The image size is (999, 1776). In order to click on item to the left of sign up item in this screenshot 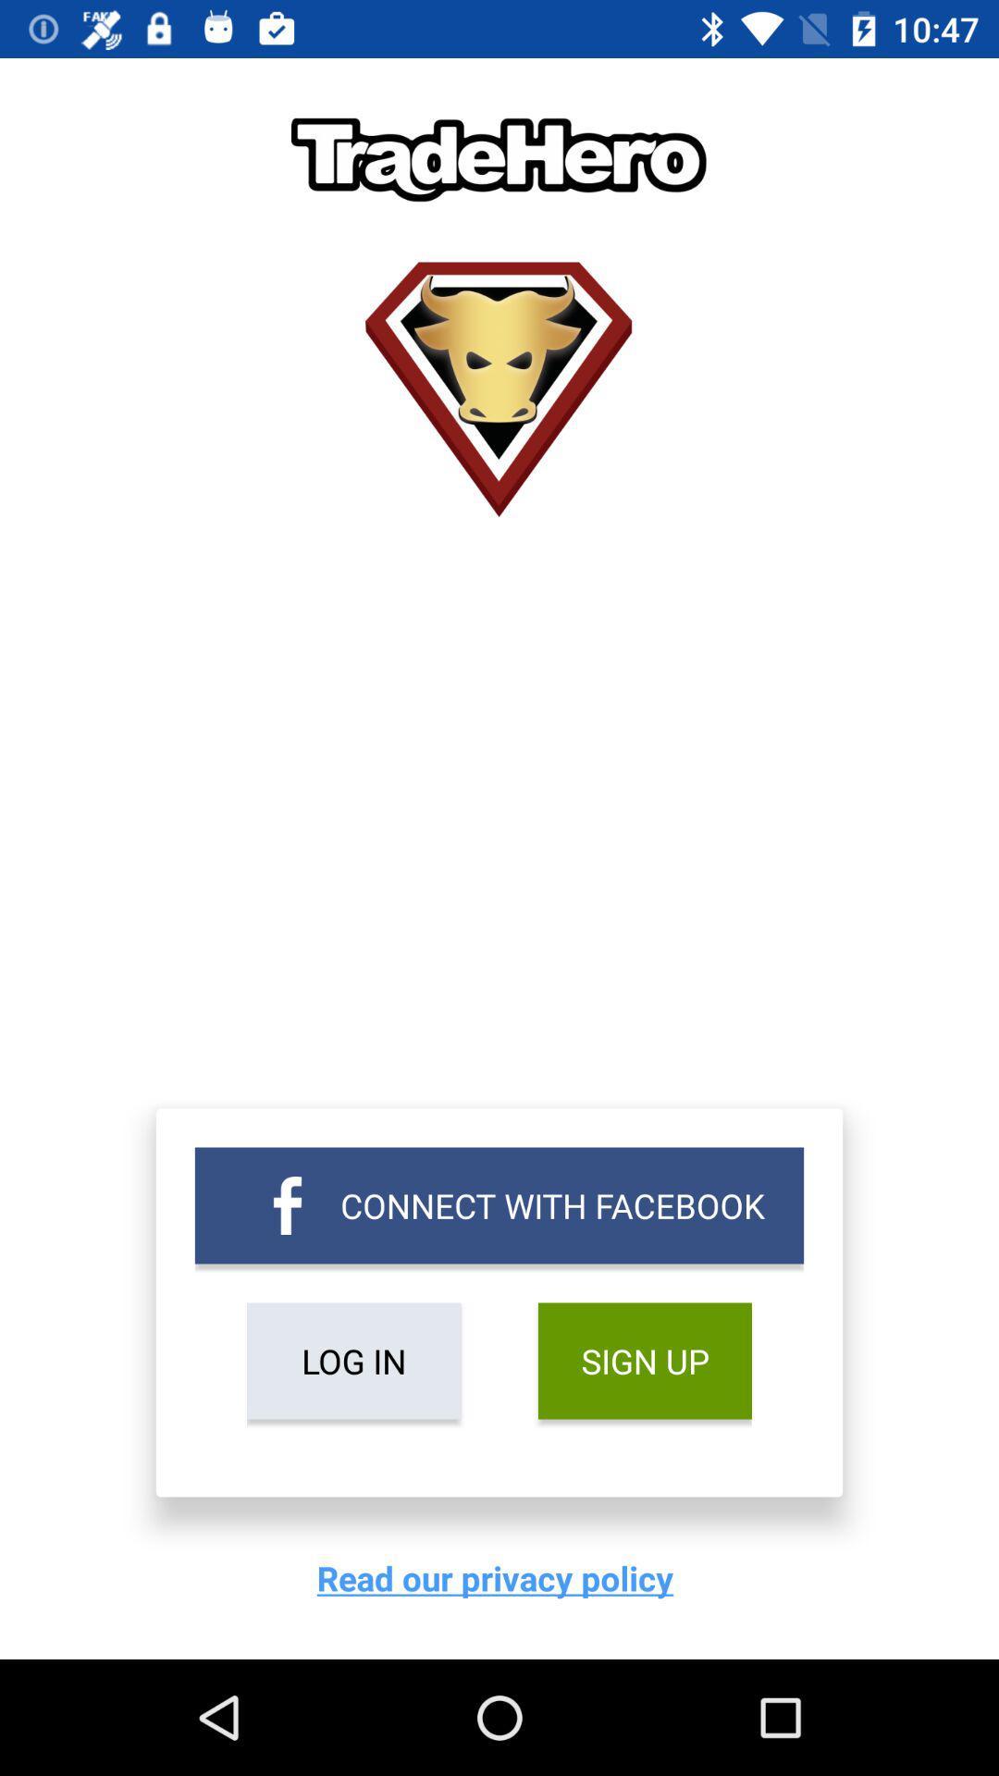, I will do `click(353, 1361)`.